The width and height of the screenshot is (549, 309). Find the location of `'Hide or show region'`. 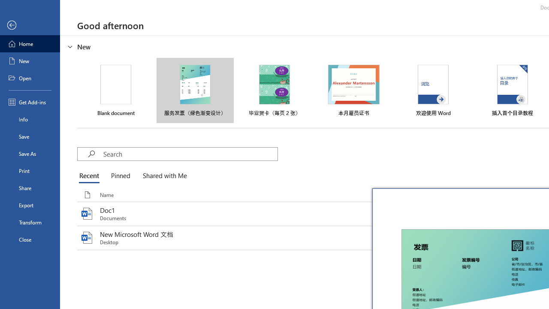

'Hide or show region' is located at coordinates (70, 47).